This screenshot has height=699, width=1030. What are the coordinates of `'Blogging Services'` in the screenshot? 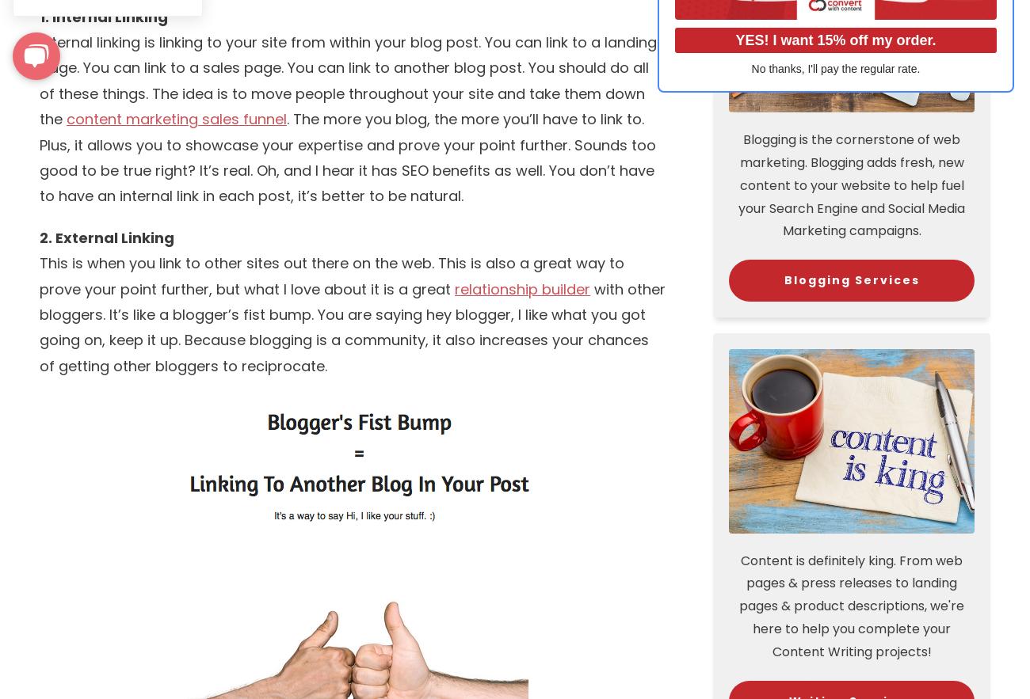 It's located at (851, 279).